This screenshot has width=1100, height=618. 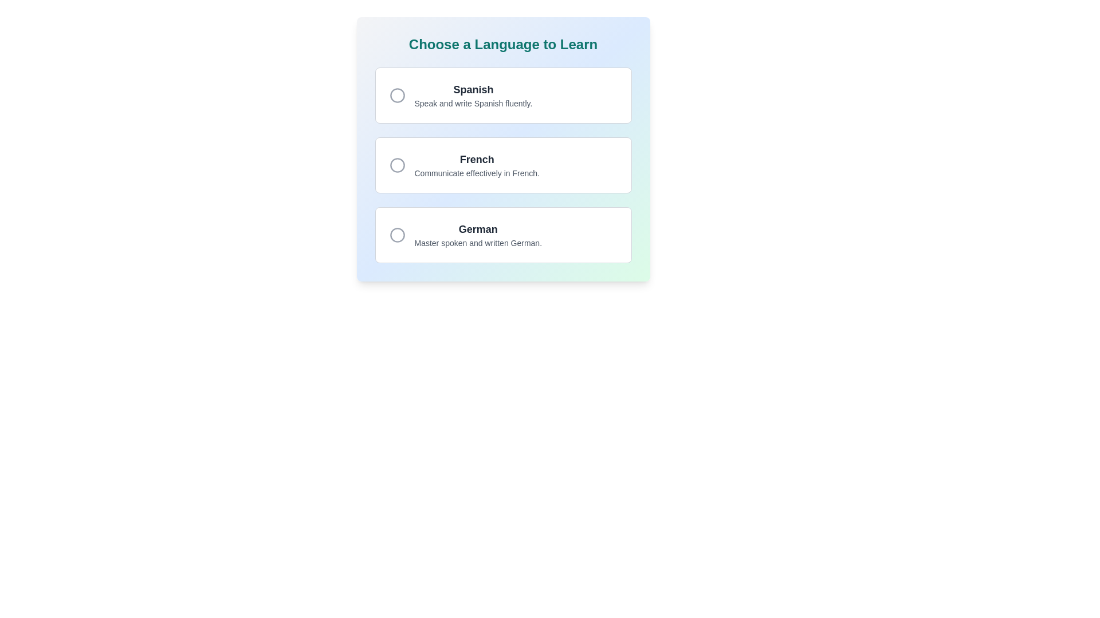 What do you see at coordinates (503, 94) in the screenshot?
I see `displayed text of the first Option card with a radio button labeled 'Spanish' in the language selection interface` at bounding box center [503, 94].